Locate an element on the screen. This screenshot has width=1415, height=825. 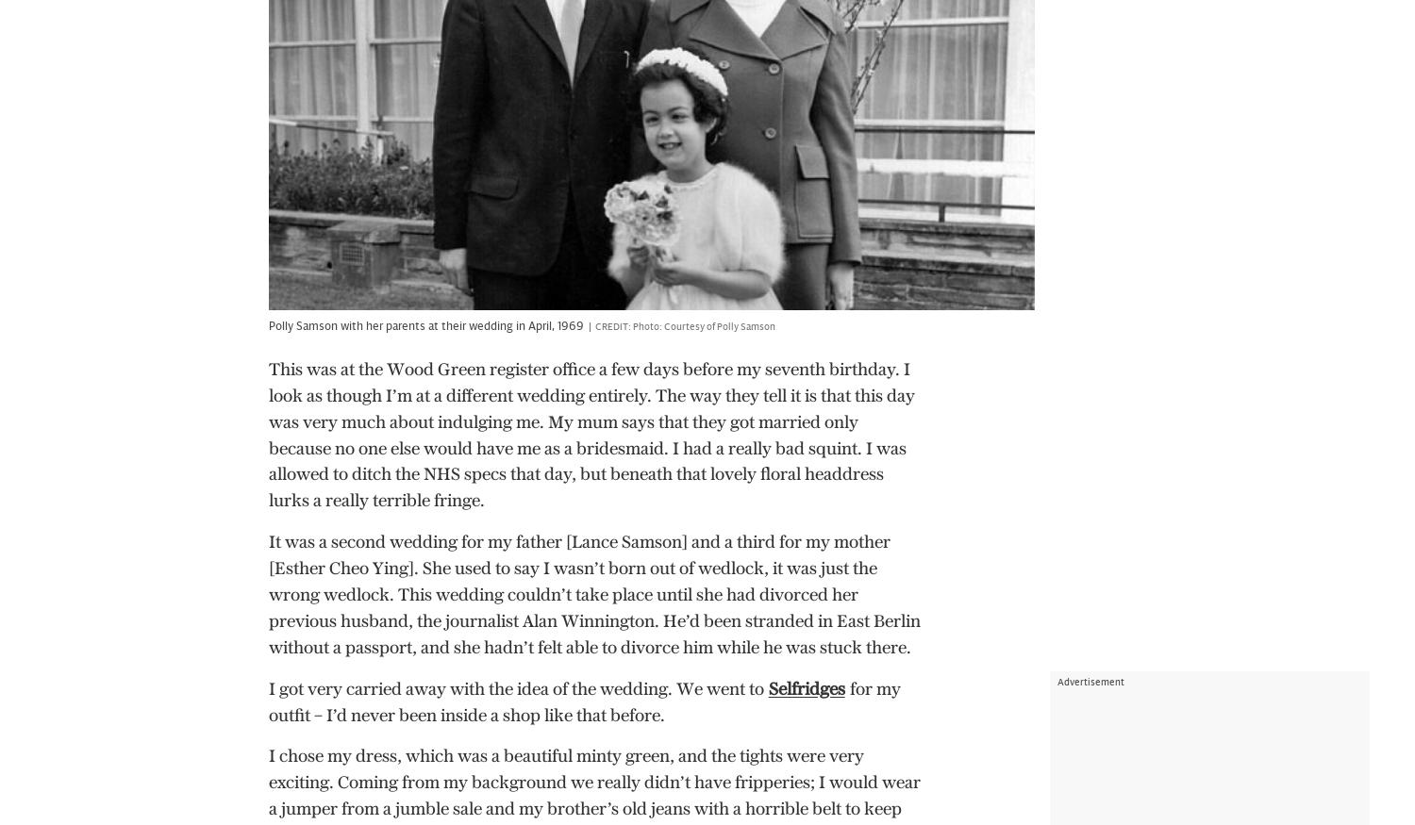
'Wine Cellar' is located at coordinates (74, 690).